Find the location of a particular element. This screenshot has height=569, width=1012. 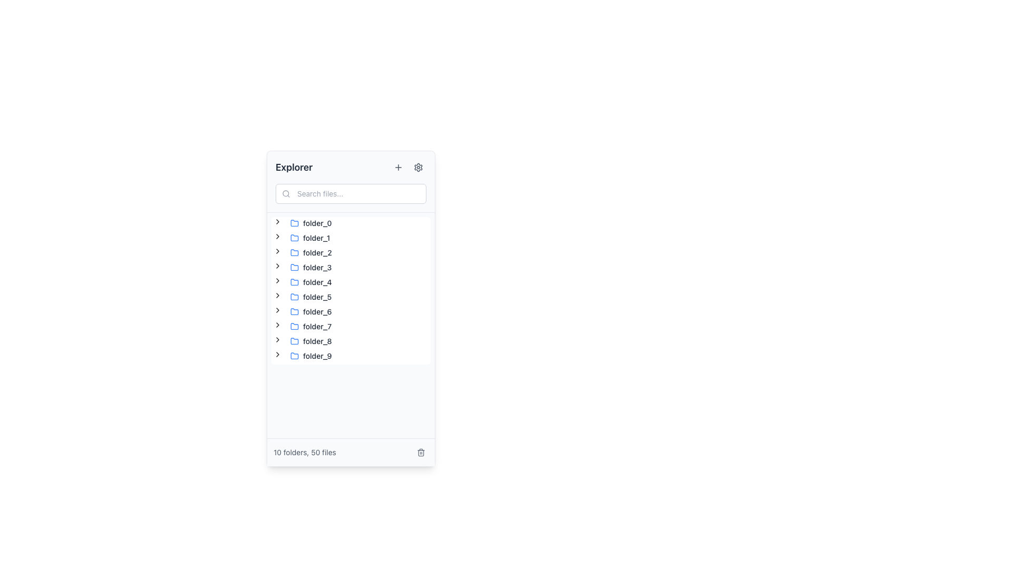

the list item representing the folder named 'folder_4' is located at coordinates (310, 282).